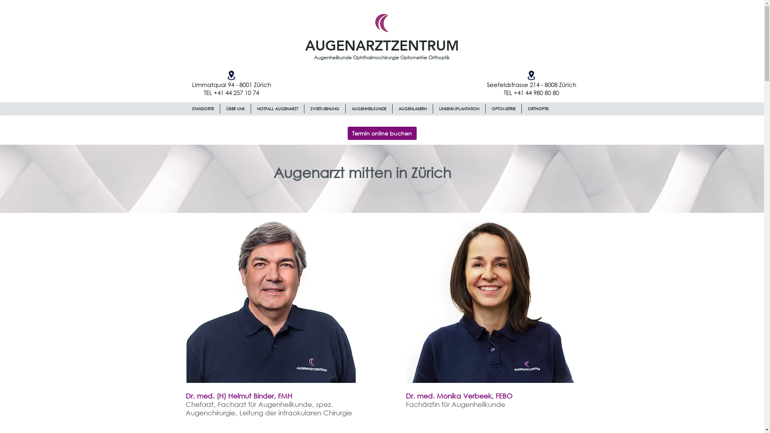 This screenshot has width=770, height=433. Describe the element at coordinates (333, 57) in the screenshot. I see `'Augenheilkunde '` at that location.